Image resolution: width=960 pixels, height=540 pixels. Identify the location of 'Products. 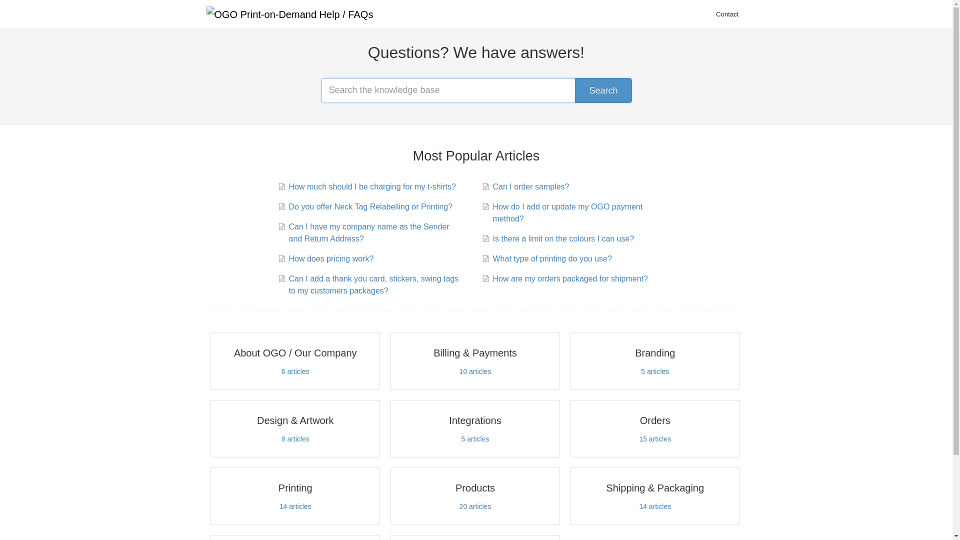
(474, 496).